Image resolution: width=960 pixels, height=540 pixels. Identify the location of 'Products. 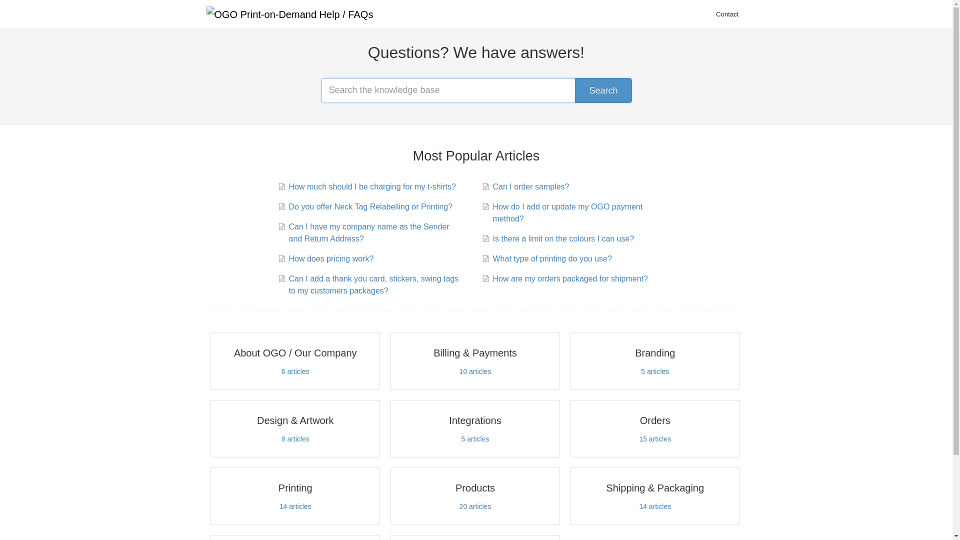
(474, 496).